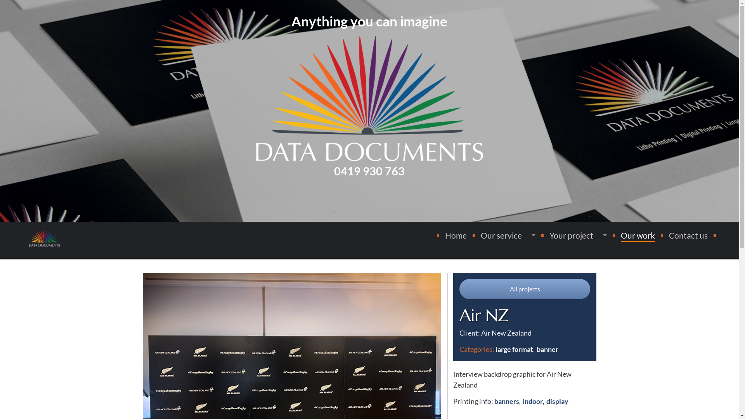 The height and width of the screenshot is (419, 745). I want to click on '0419 930 763', so click(369, 171).